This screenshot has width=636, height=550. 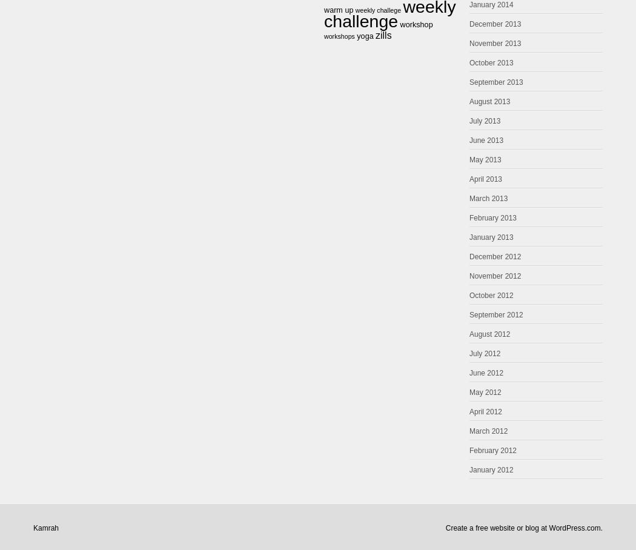 What do you see at coordinates (365, 36) in the screenshot?
I see `'yoga'` at bounding box center [365, 36].